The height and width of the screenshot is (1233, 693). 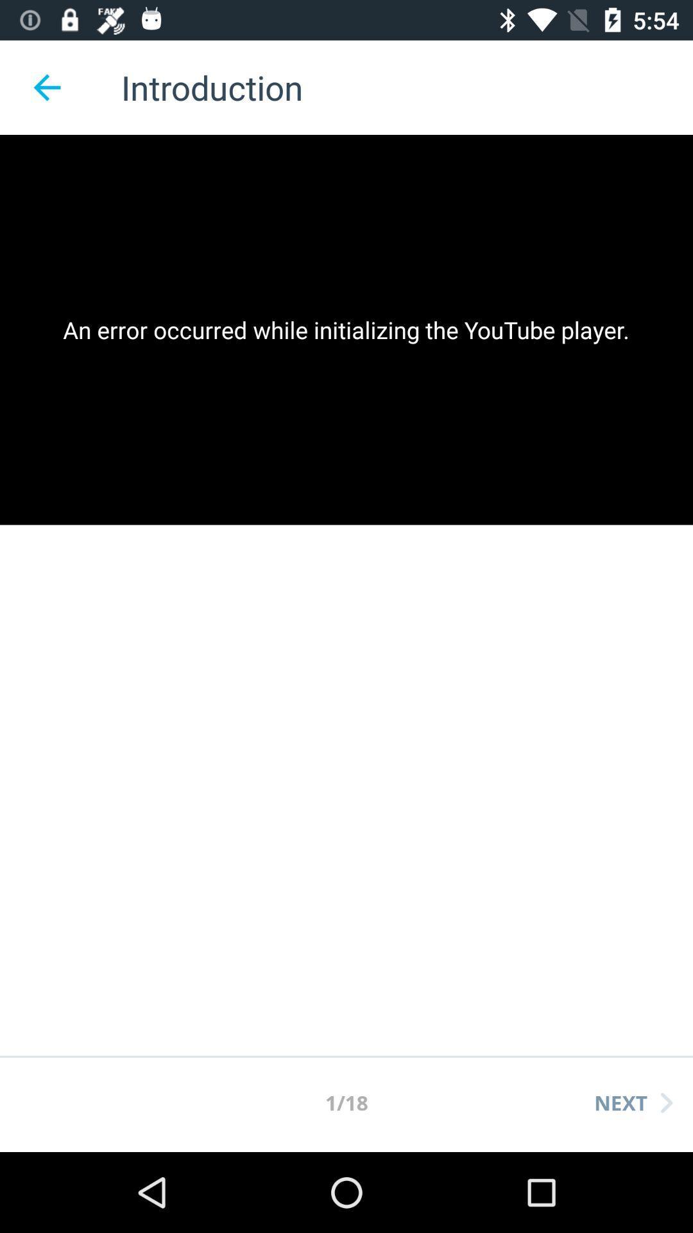 What do you see at coordinates (633, 1102) in the screenshot?
I see `the next item` at bounding box center [633, 1102].